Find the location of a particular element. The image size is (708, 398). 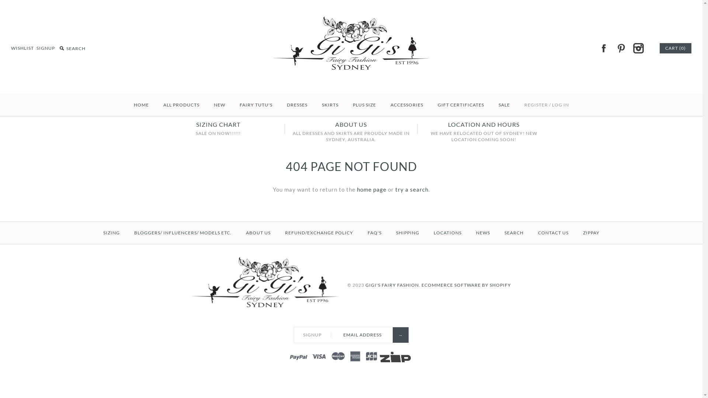

'NEWS' is located at coordinates (483, 233).